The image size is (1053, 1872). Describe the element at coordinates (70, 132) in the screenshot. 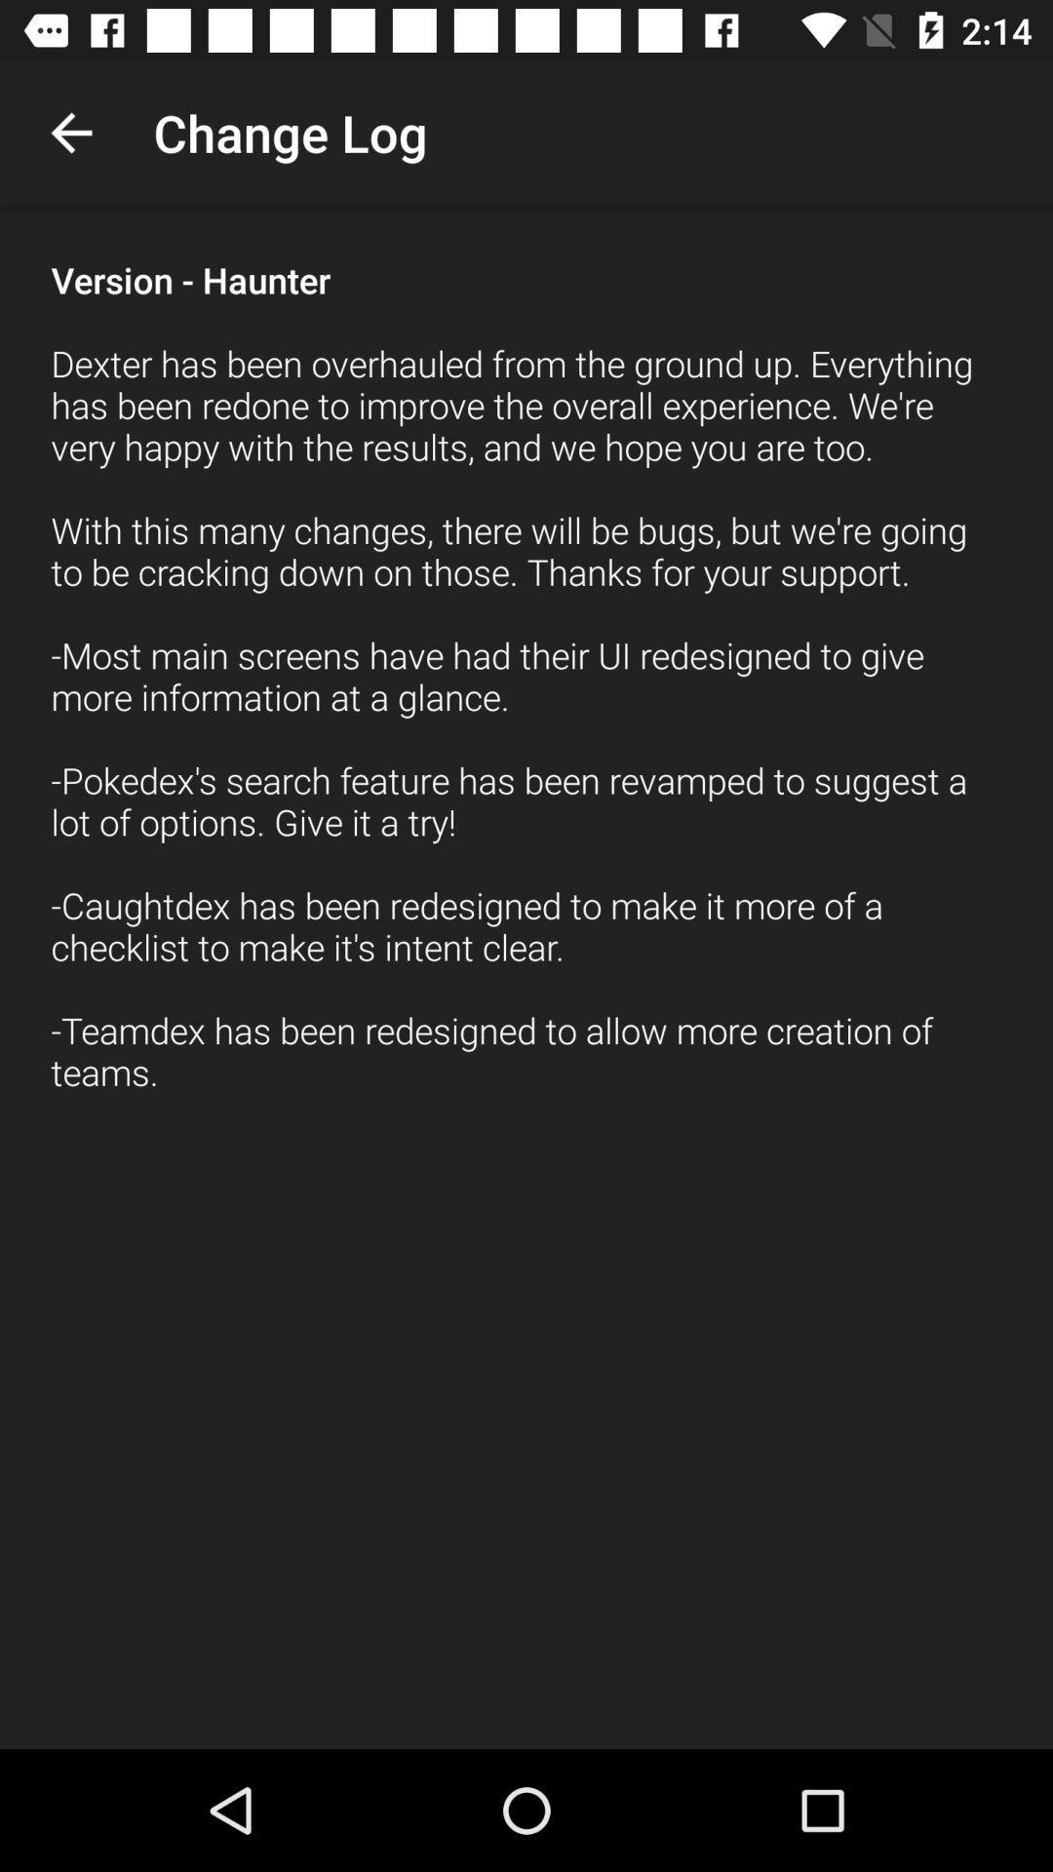

I see `the item above version haunter dexter item` at that location.